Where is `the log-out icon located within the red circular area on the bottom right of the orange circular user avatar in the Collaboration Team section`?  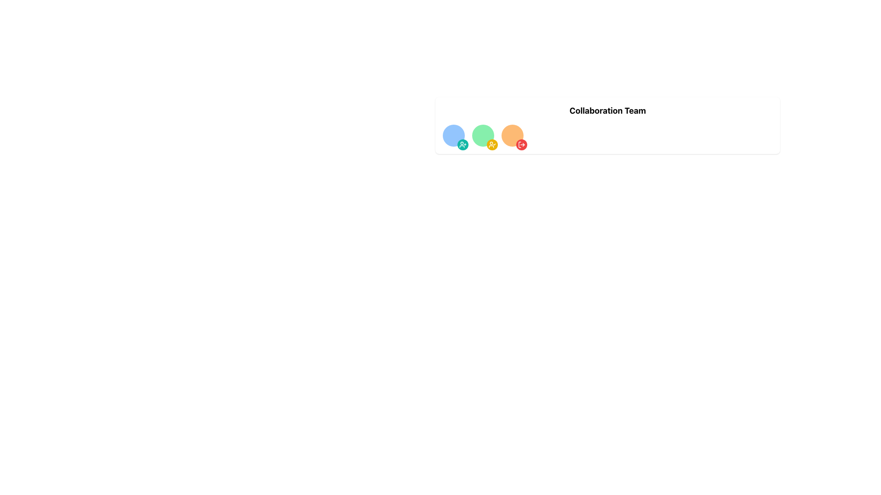
the log-out icon located within the red circular area on the bottom right of the orange circular user avatar in the Collaboration Team section is located at coordinates (522, 144).